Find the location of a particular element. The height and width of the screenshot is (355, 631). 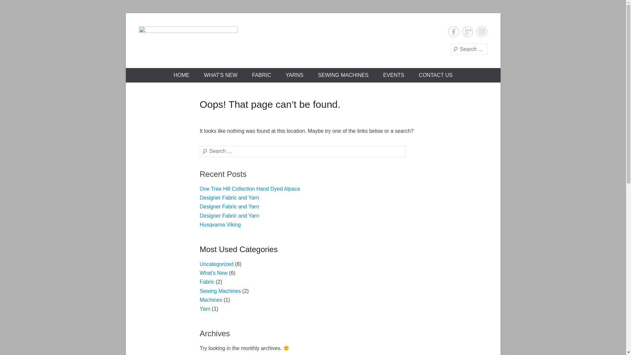

'Facebook' is located at coordinates (453, 32).